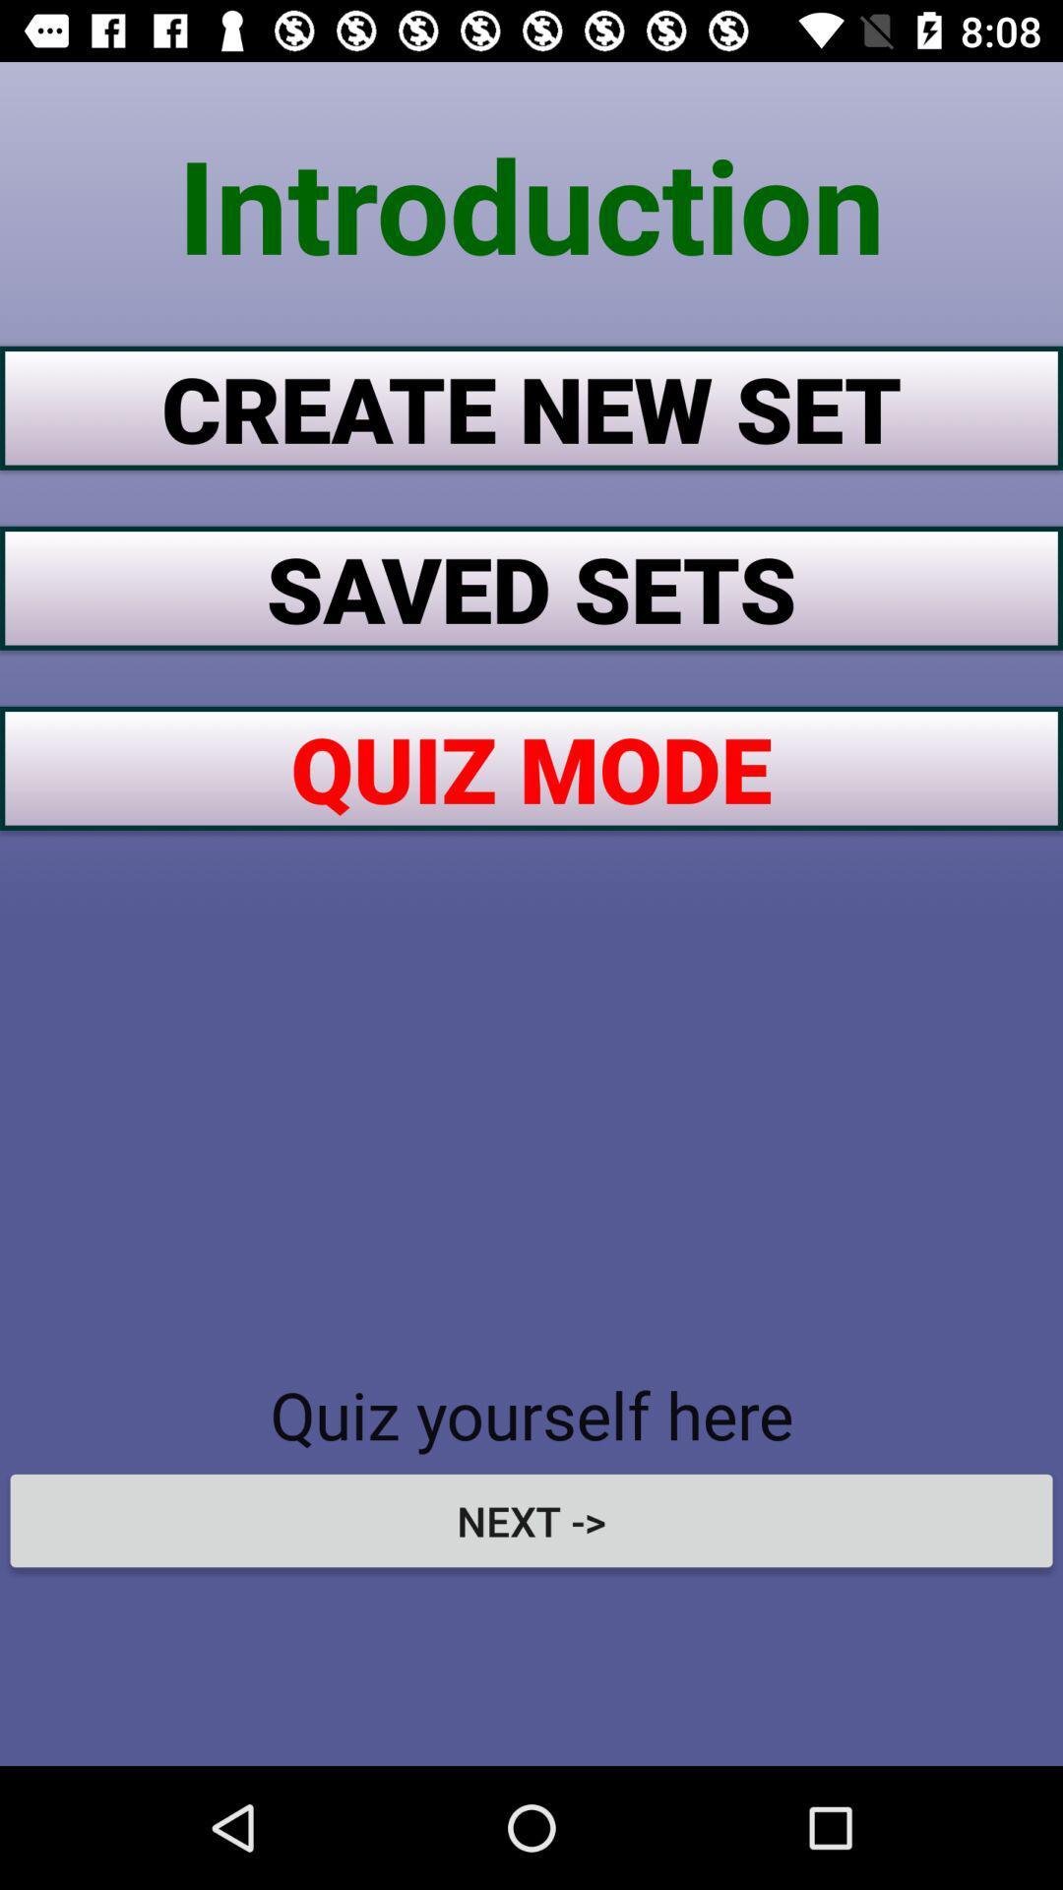 The height and width of the screenshot is (1890, 1063). What do you see at coordinates (531, 767) in the screenshot?
I see `quiz mode` at bounding box center [531, 767].